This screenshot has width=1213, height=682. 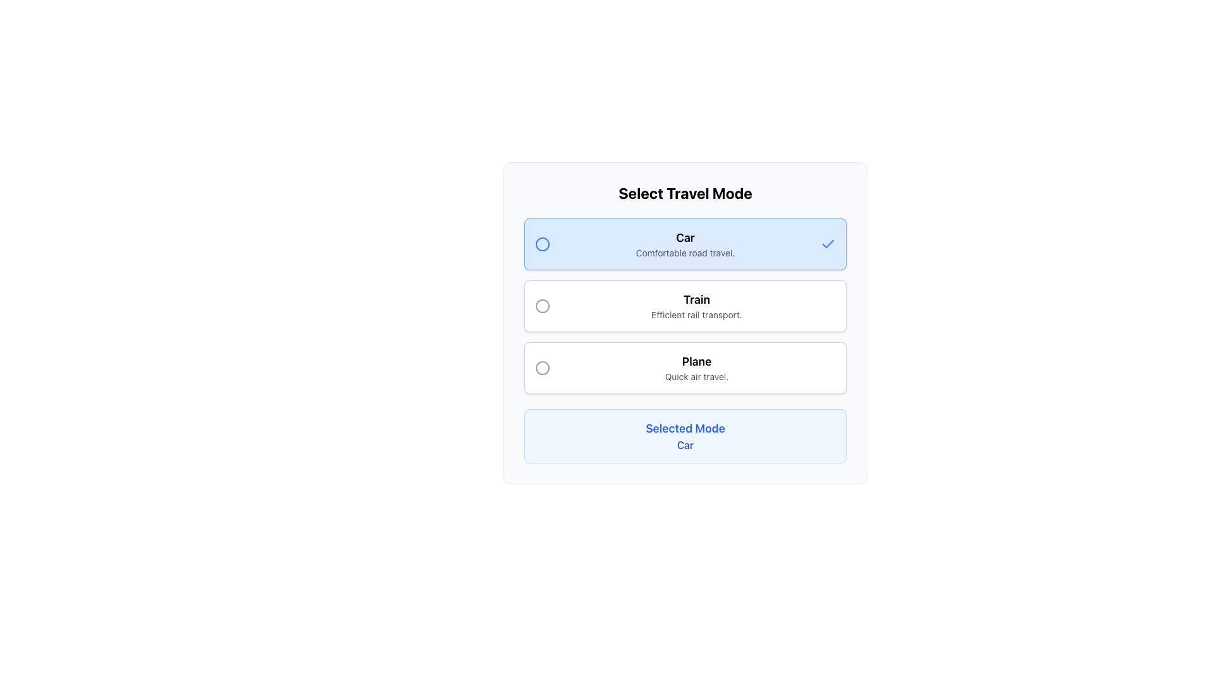 I want to click on the 'Car' travel mode icon, which indicates that the 'Car' option has been selected, so click(x=828, y=243).